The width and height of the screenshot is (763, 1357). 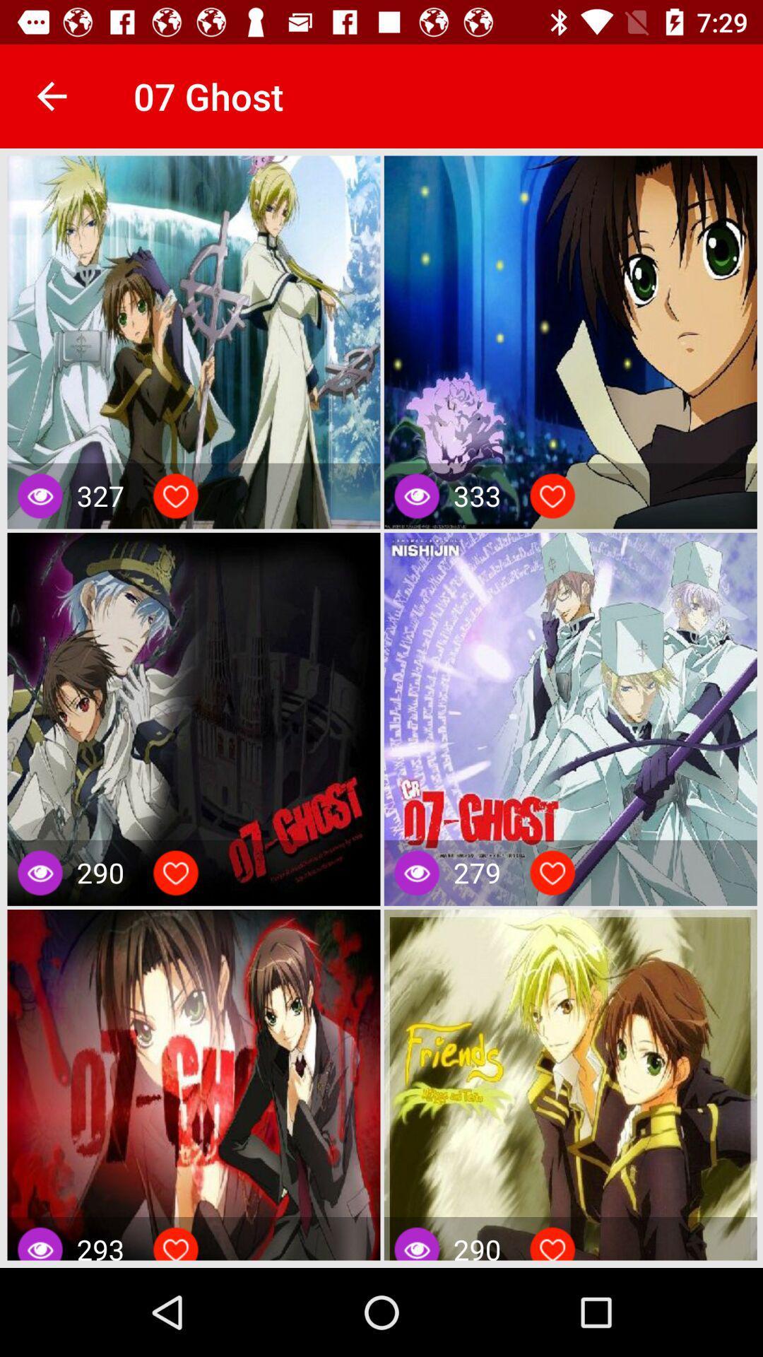 I want to click on indicate favorite, so click(x=175, y=872).